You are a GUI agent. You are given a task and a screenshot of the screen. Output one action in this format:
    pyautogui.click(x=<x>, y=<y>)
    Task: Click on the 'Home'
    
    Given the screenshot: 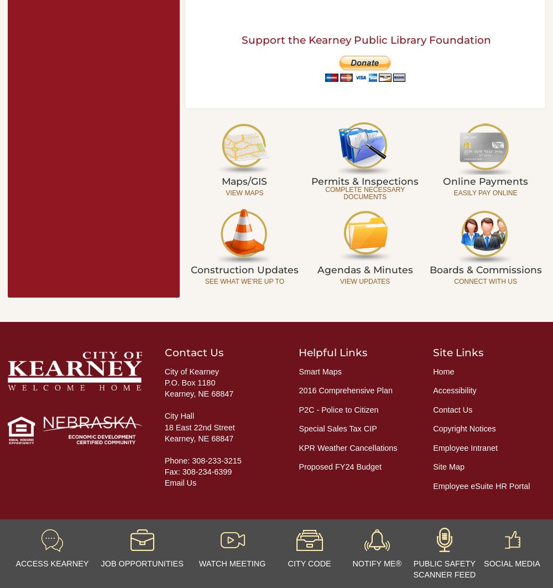 What is the action you would take?
    pyautogui.click(x=444, y=370)
    